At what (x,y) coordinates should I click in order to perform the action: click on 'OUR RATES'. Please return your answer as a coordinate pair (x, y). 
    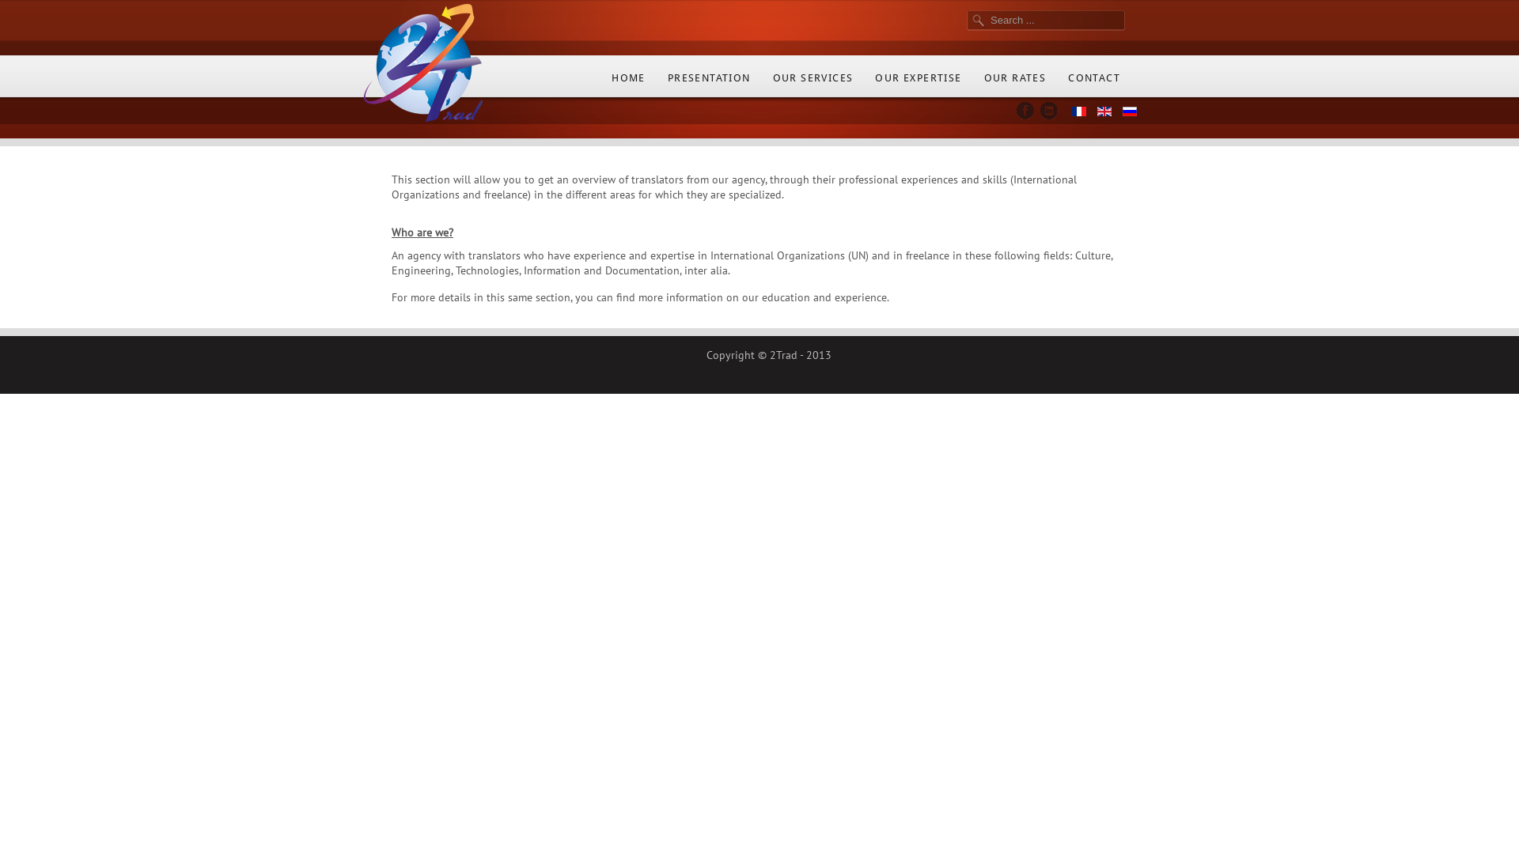
    Looking at the image, I should click on (1015, 82).